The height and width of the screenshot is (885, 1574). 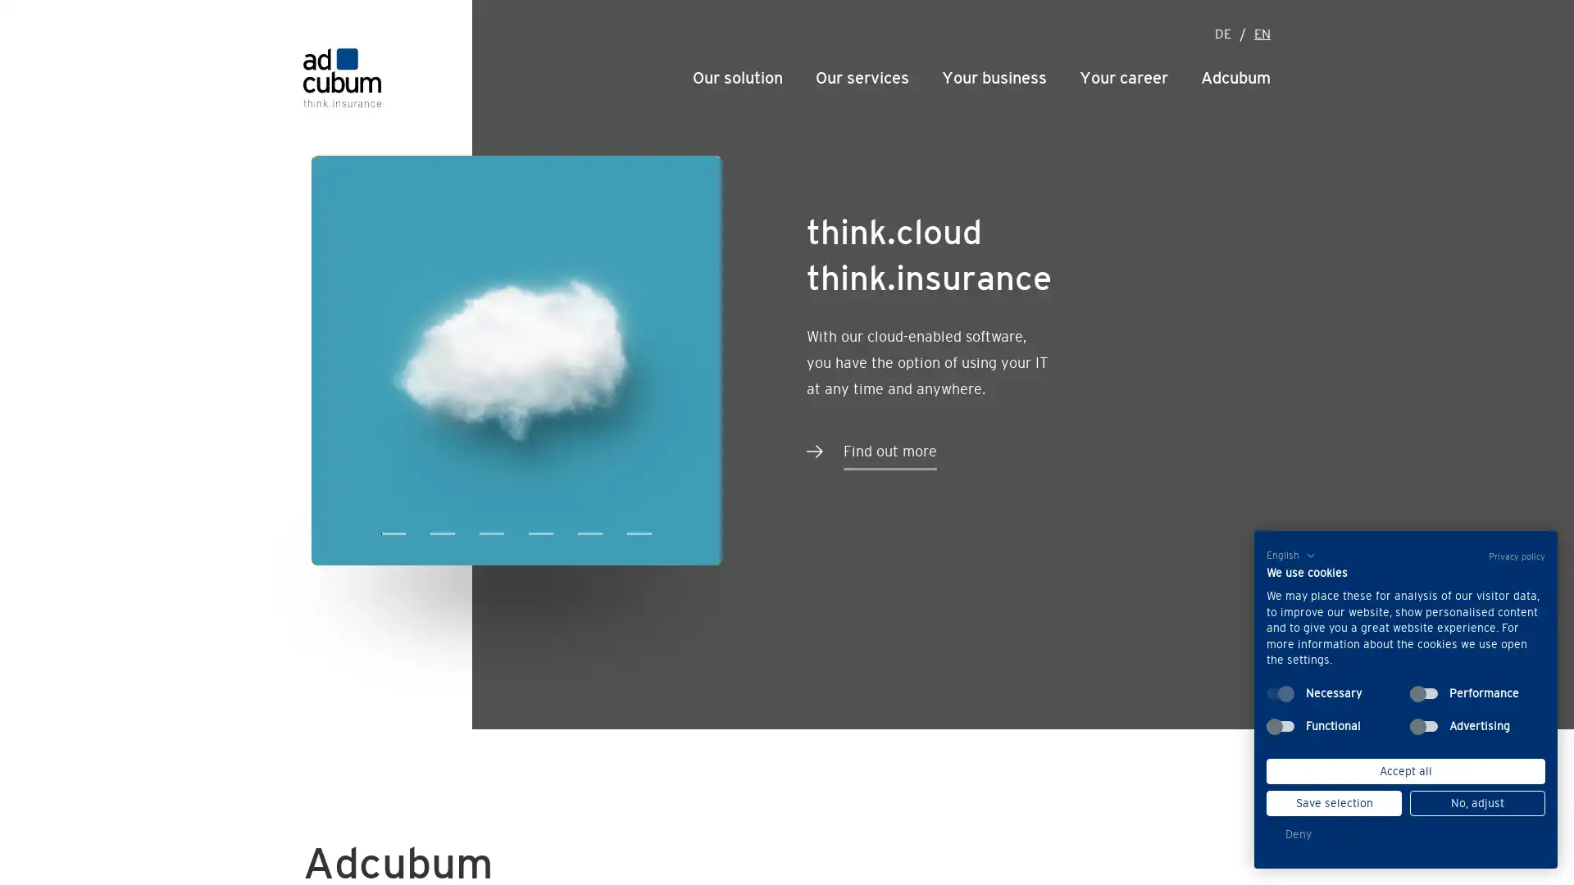 What do you see at coordinates (1281, 555) in the screenshot?
I see `English` at bounding box center [1281, 555].